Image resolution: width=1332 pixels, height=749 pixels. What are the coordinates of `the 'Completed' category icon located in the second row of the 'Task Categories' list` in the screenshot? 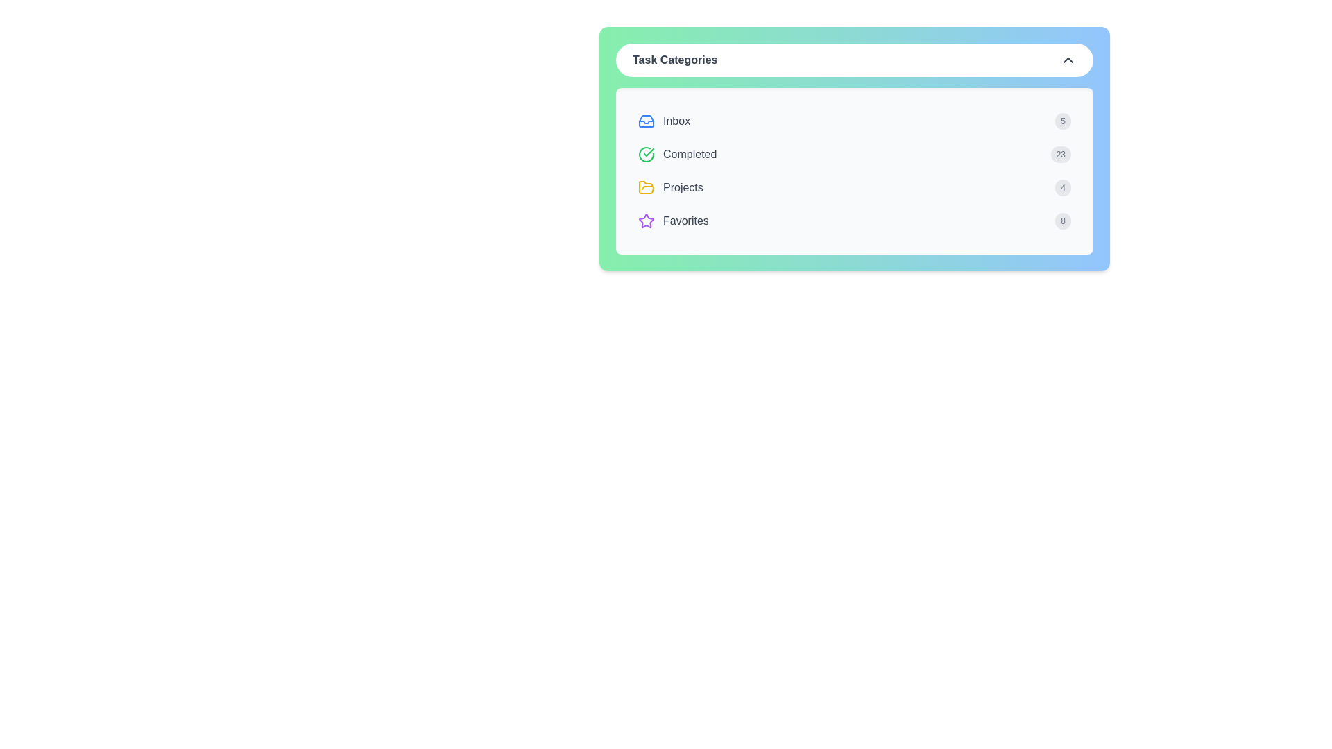 It's located at (645, 155).